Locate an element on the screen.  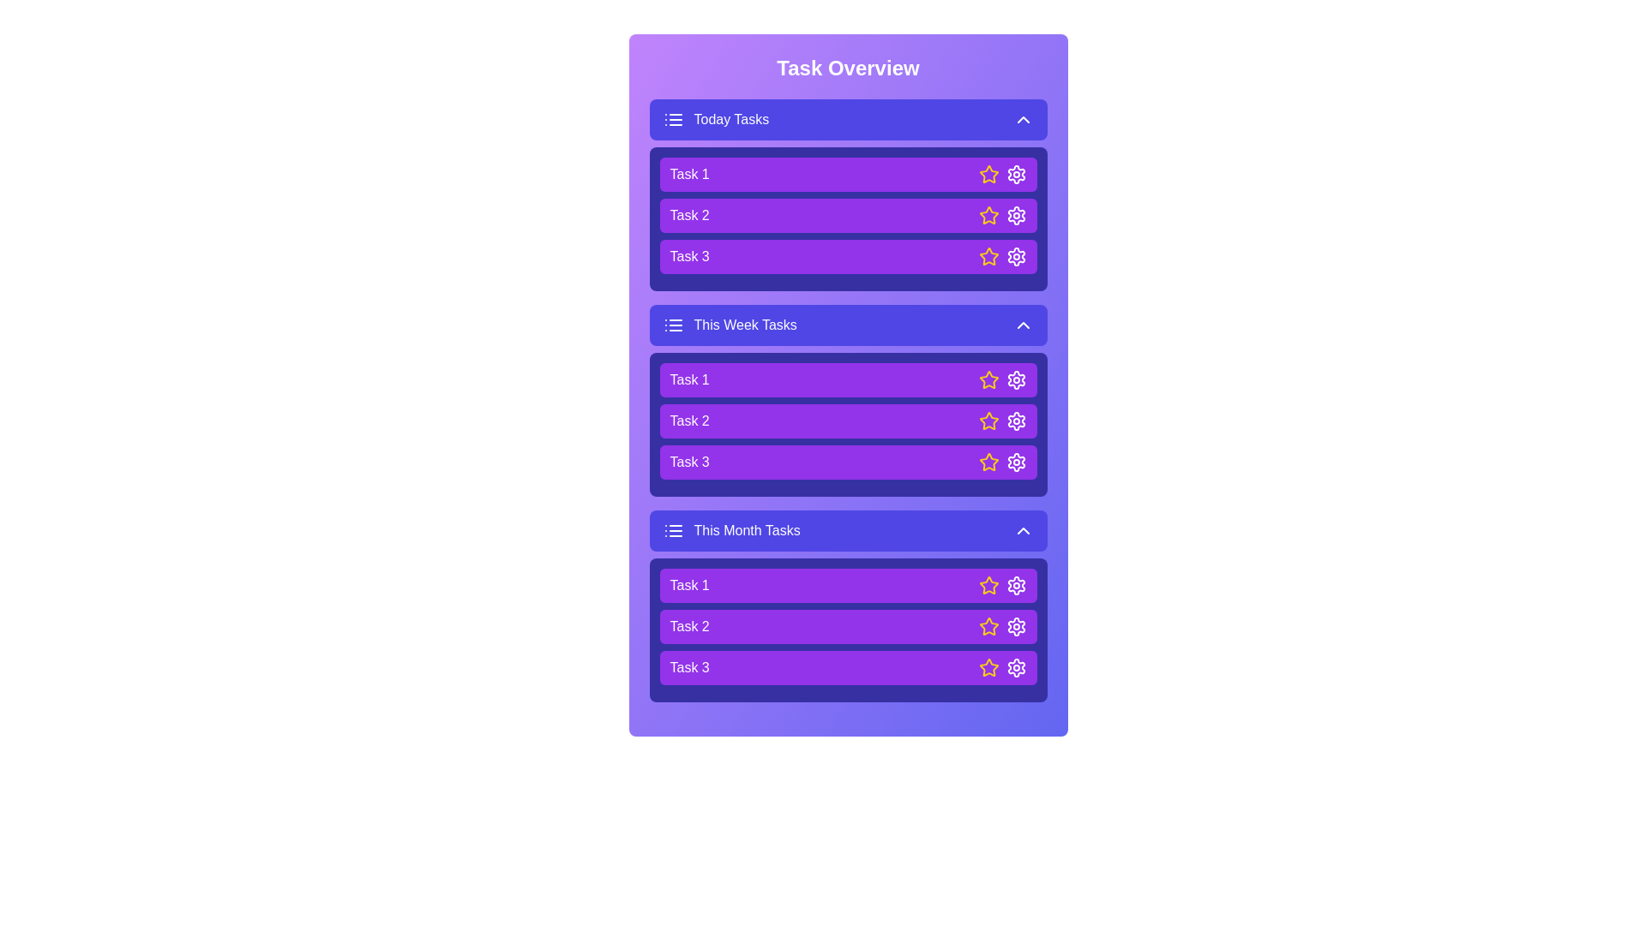
the settings icon of a task to configure it. Specify the task using the parameter Task 2 is located at coordinates (1016, 214).